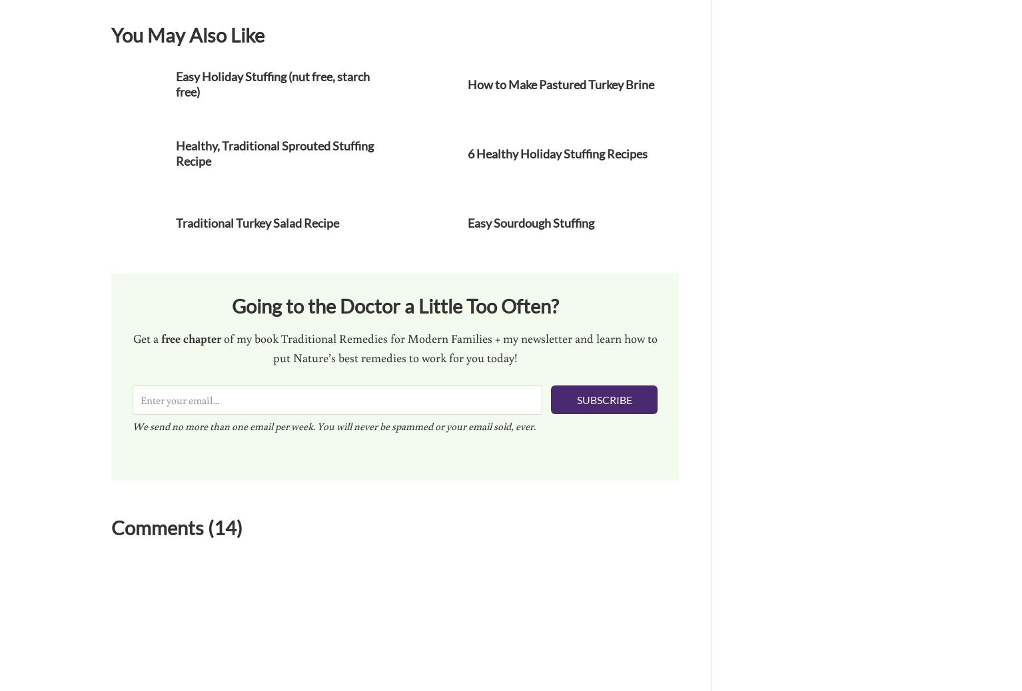 This screenshot has width=1022, height=691. What do you see at coordinates (190, 337) in the screenshot?
I see `'free chapter'` at bounding box center [190, 337].